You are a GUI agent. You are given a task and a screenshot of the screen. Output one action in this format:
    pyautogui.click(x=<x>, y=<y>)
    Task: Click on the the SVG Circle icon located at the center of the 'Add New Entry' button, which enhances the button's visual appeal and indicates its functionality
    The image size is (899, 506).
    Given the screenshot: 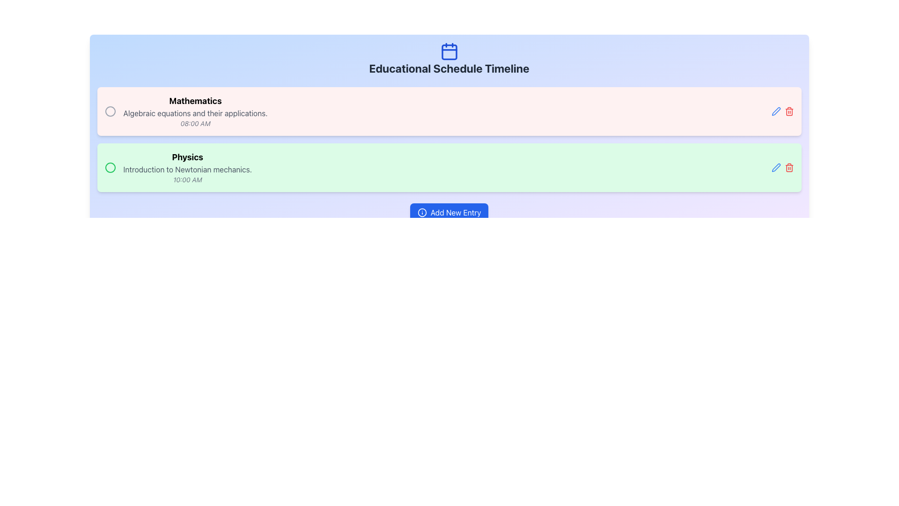 What is the action you would take?
    pyautogui.click(x=421, y=213)
    